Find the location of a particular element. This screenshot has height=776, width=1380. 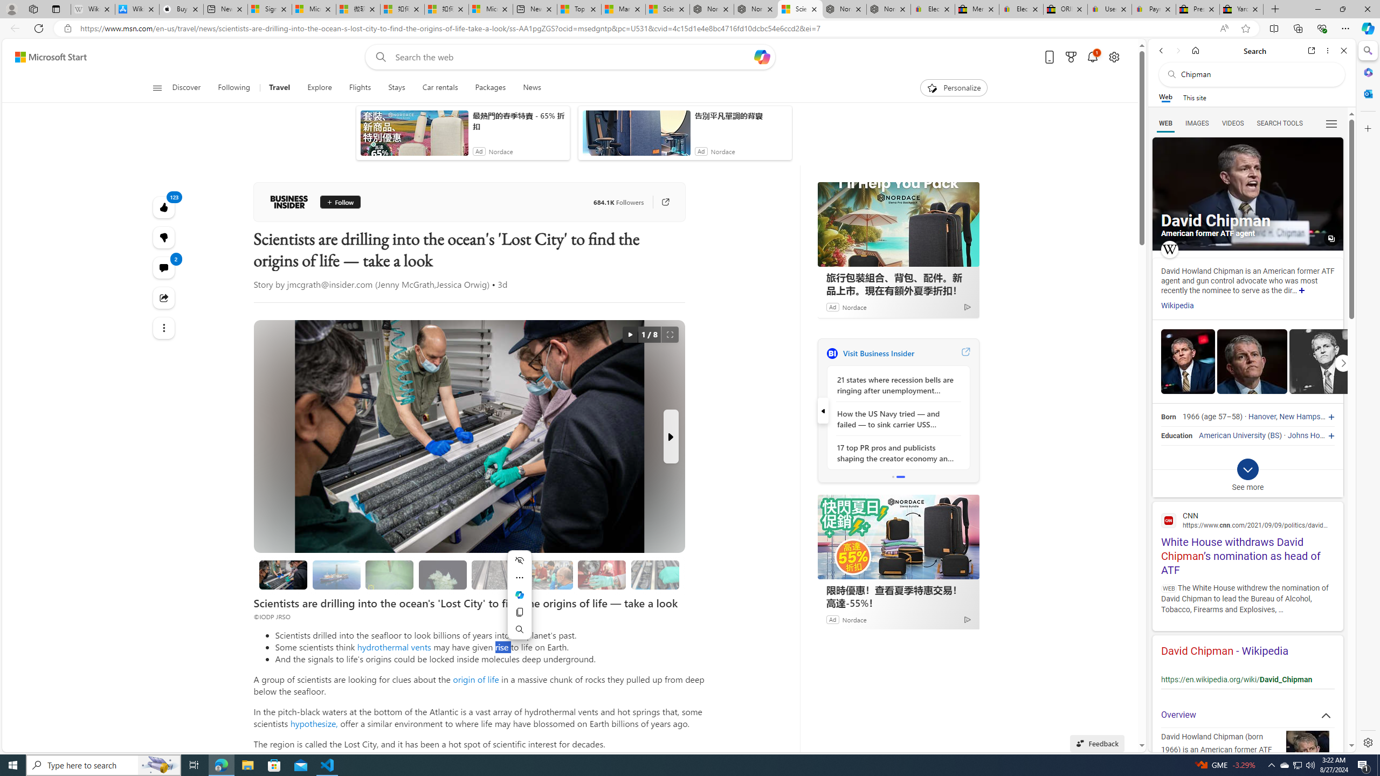

'Packages' is located at coordinates (490, 87).